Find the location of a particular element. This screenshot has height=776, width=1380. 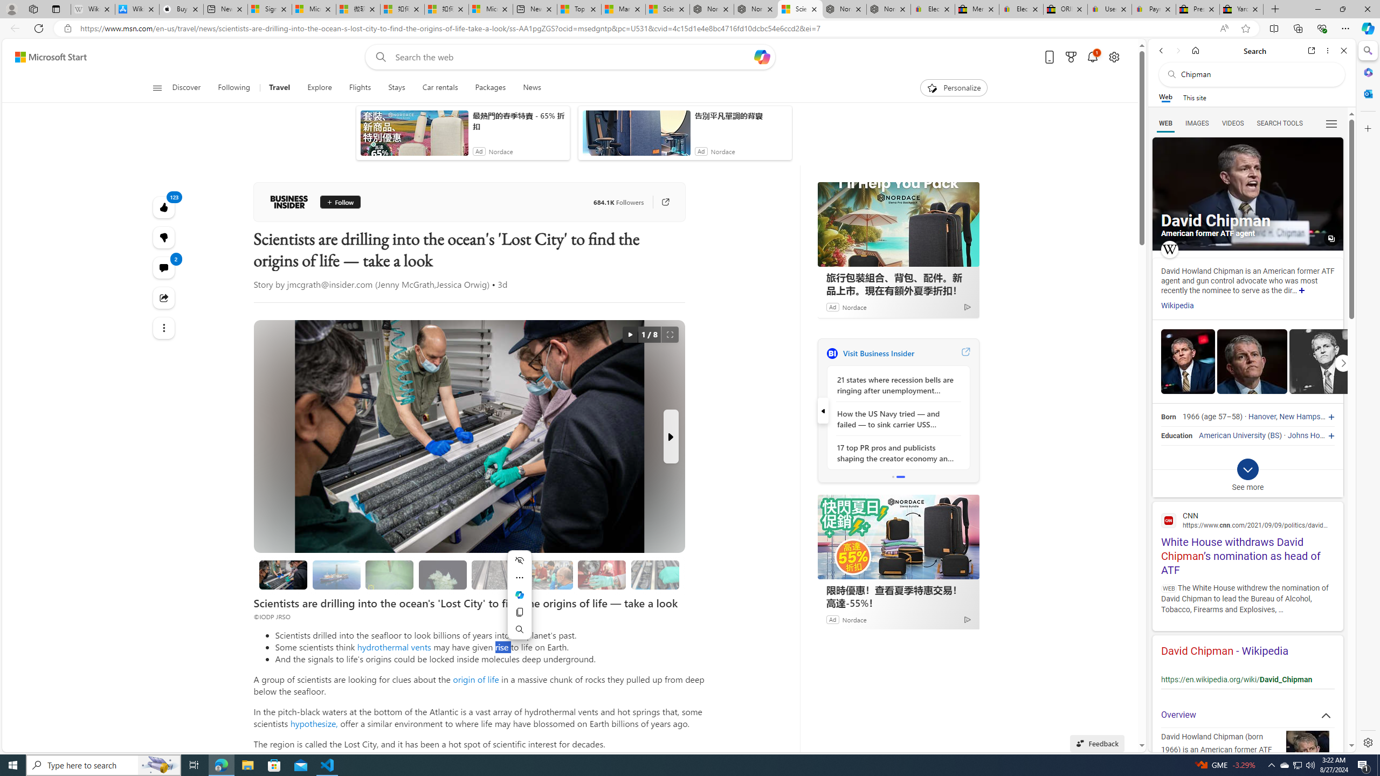

'Packages' is located at coordinates (490, 87).